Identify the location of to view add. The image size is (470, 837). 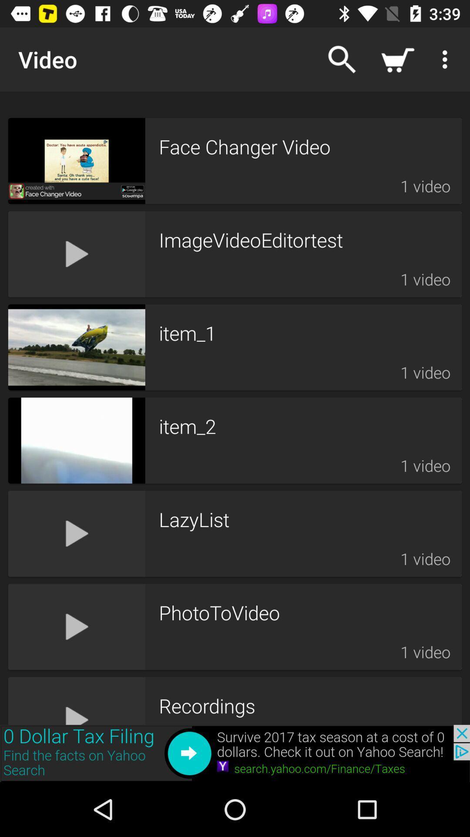
(235, 753).